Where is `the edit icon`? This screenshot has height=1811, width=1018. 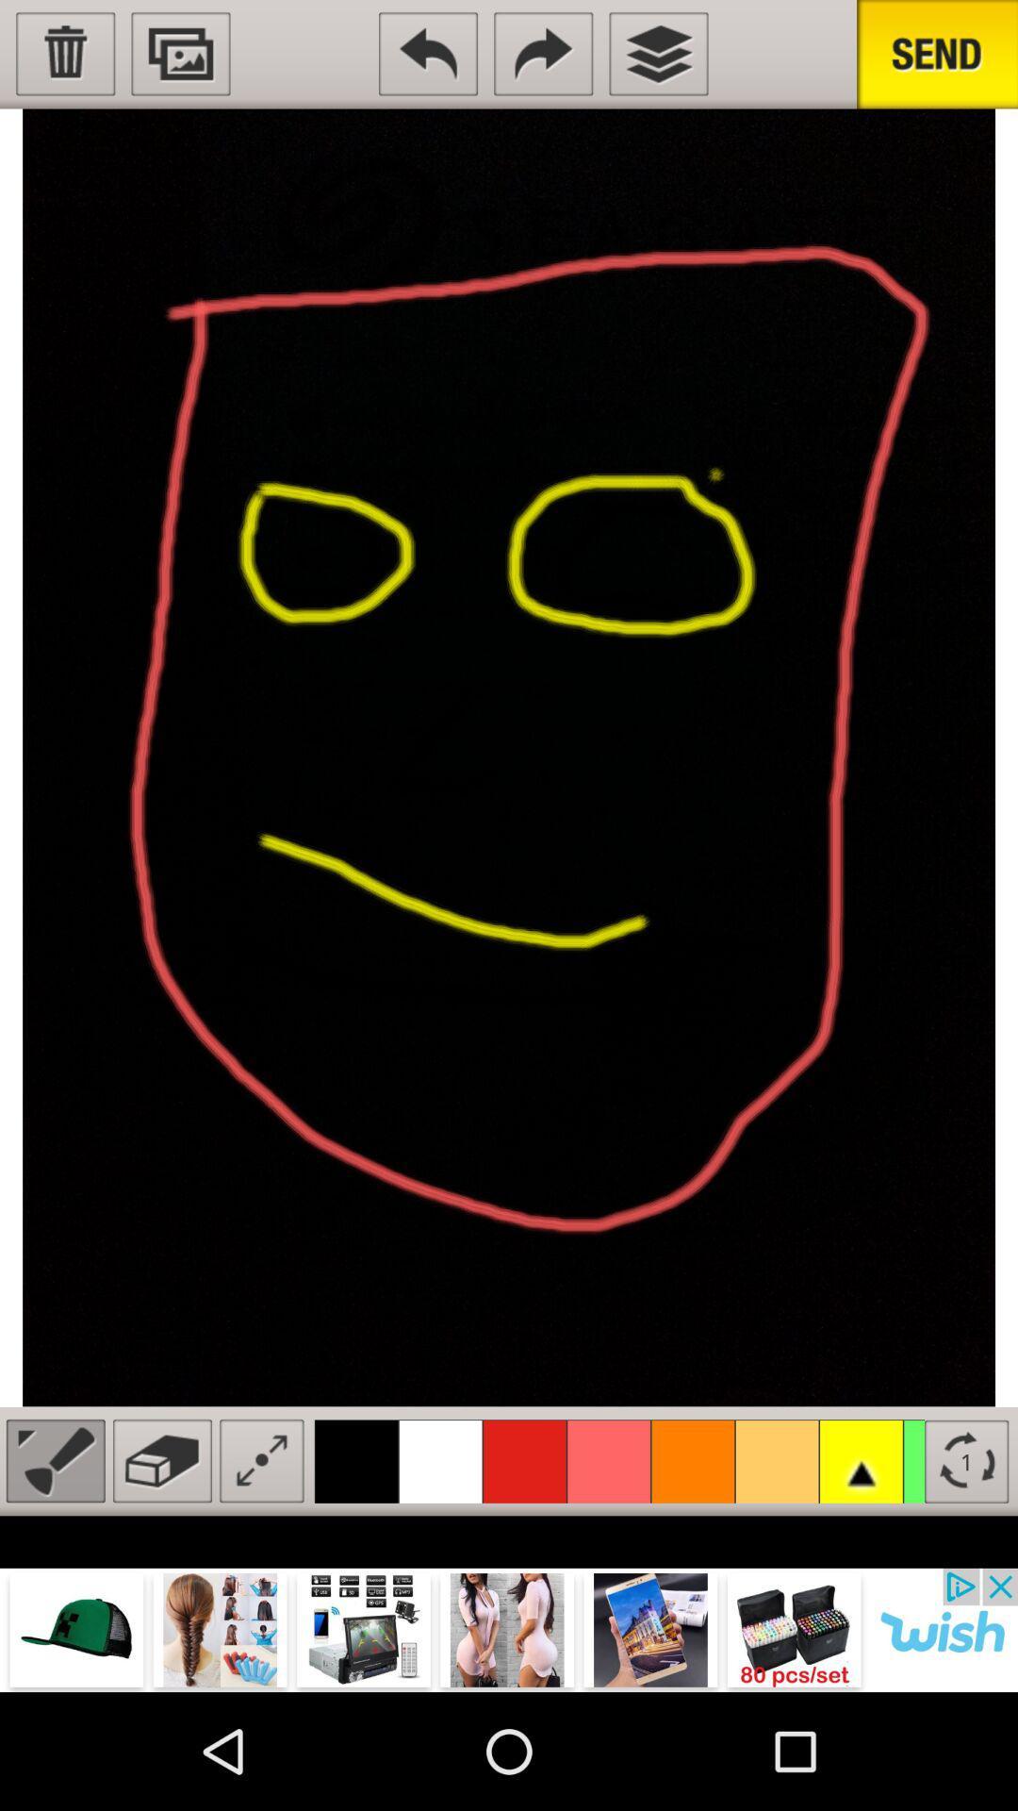
the edit icon is located at coordinates (55, 1460).